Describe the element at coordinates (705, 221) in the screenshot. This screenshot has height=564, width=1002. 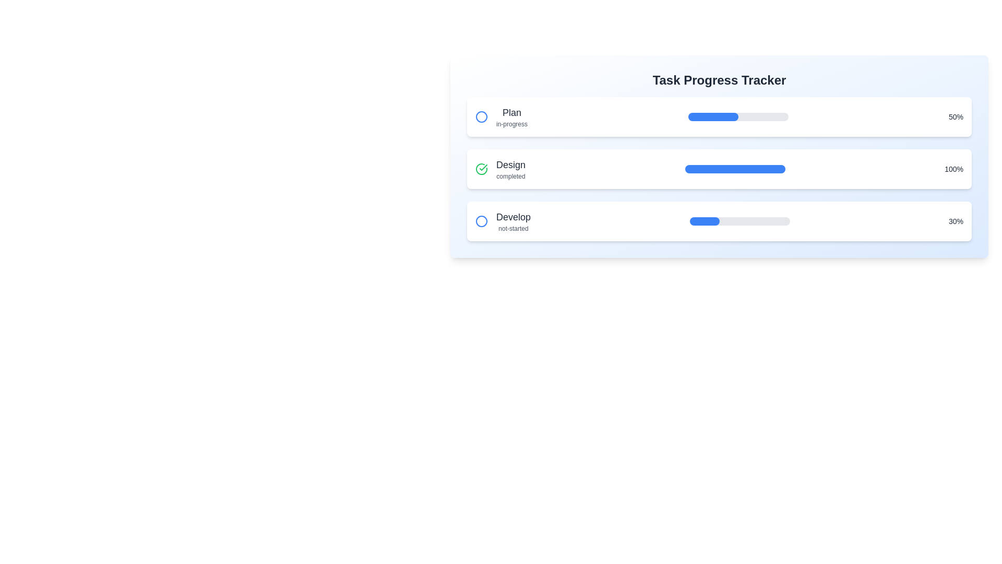
I see `the progress bar segment that visually represents 30% progress for the 'Develop' task, located in the third horizontal progress bar` at that location.